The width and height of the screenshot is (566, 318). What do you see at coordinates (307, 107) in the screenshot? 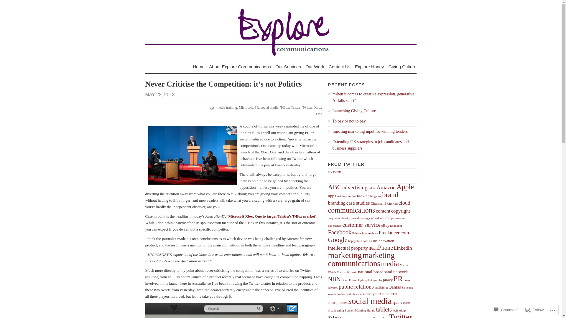
I see `'Twitter'` at bounding box center [307, 107].